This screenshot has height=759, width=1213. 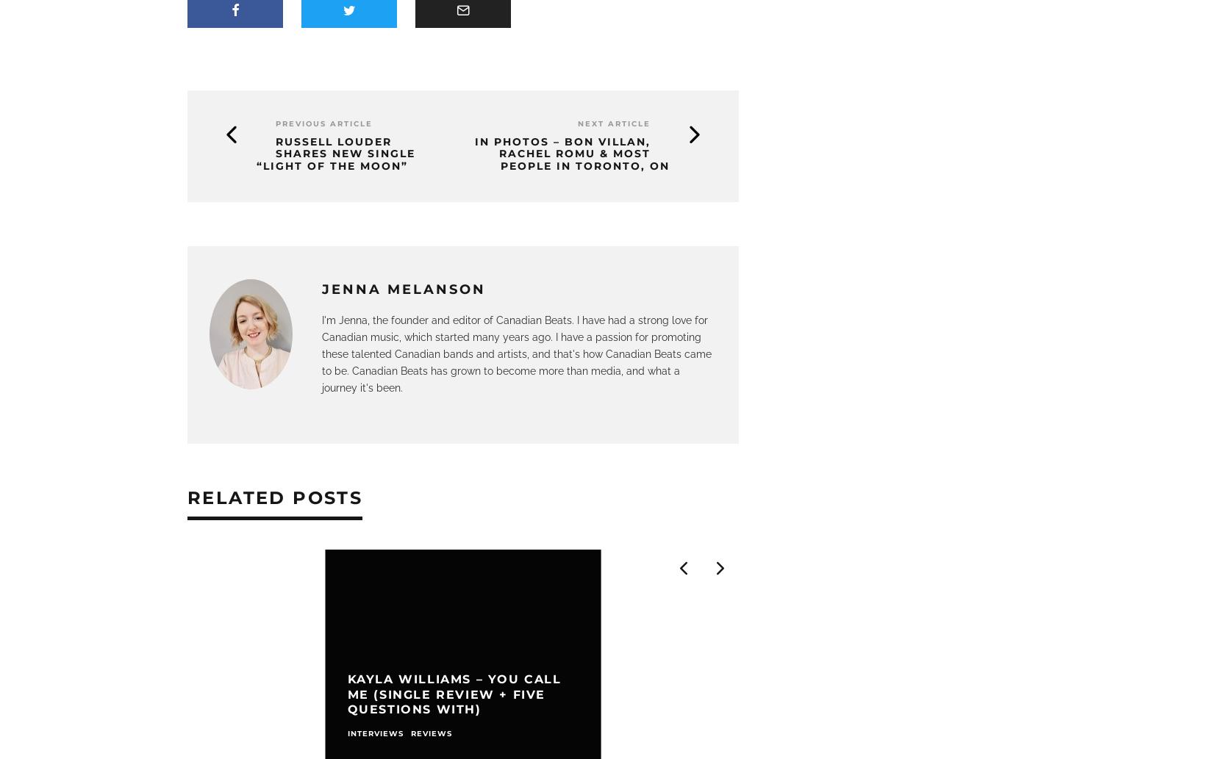 I want to click on 'Interviews', so click(x=346, y=733).